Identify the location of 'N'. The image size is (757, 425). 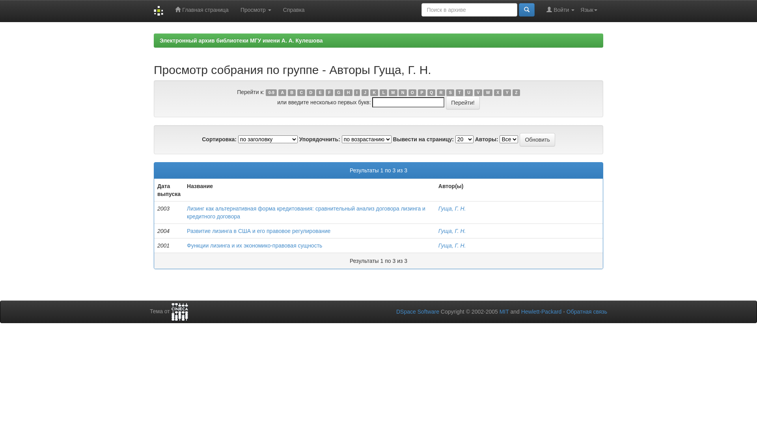
(399, 92).